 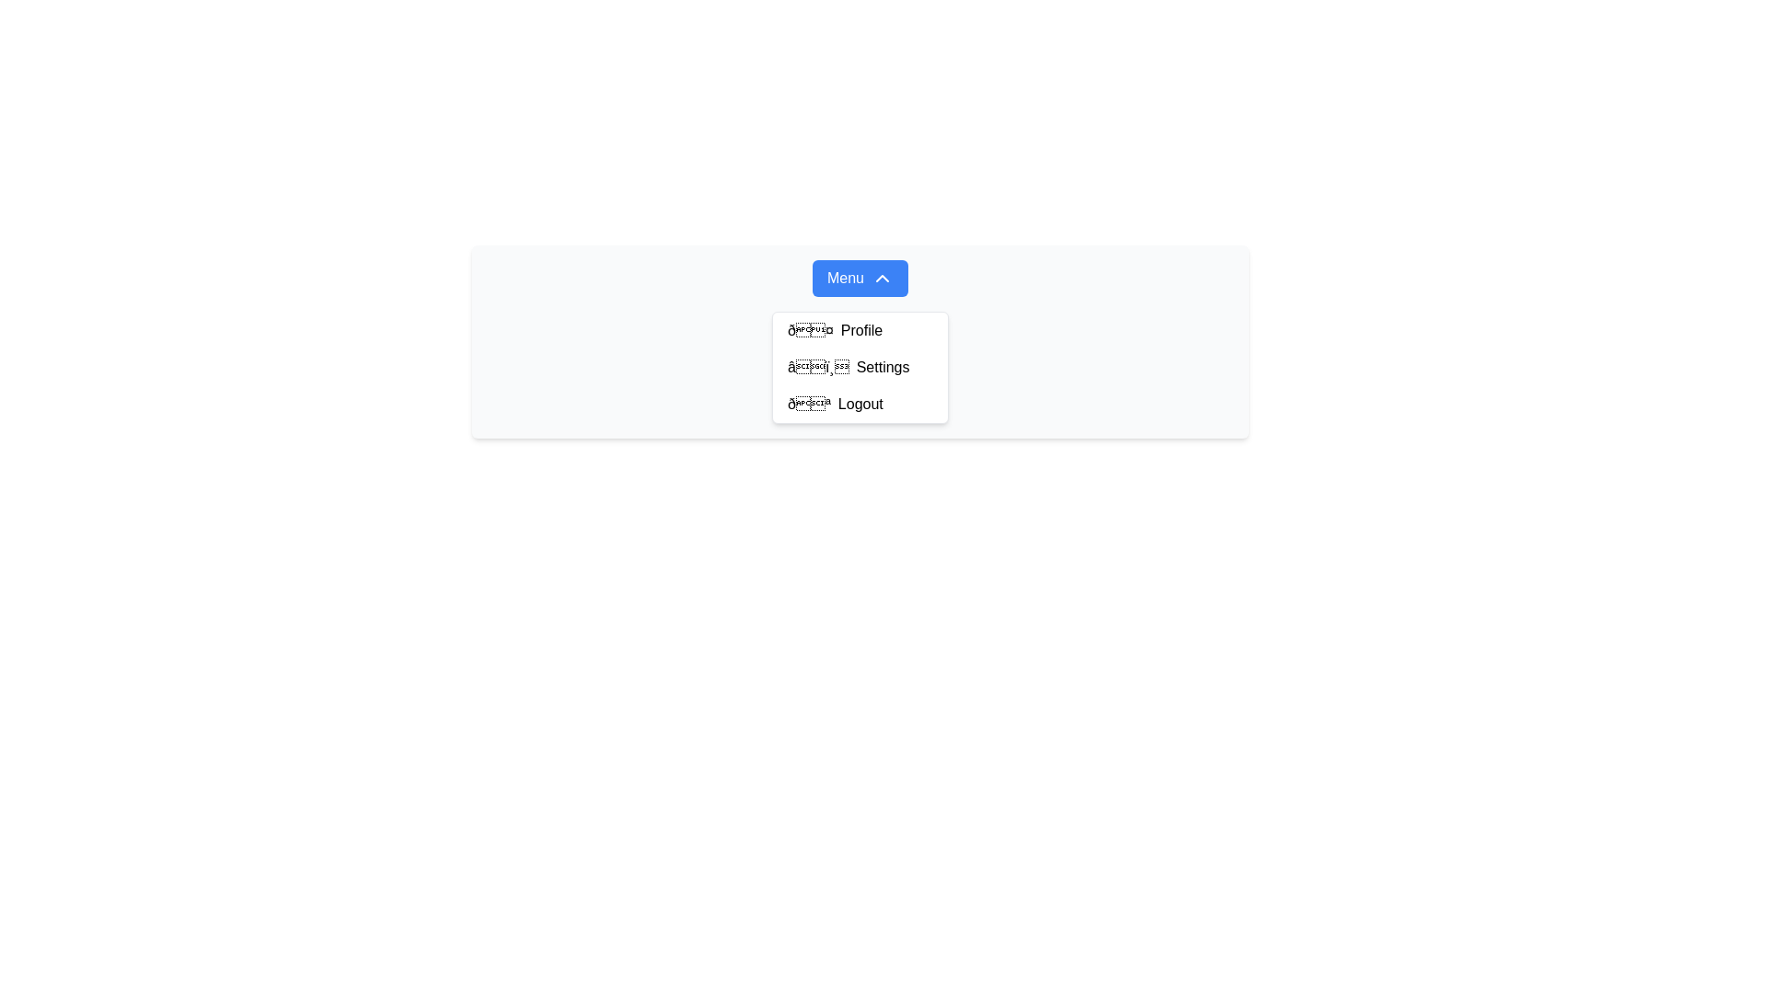 I want to click on the Logout option in the dropdown menu, so click(x=860, y=403).